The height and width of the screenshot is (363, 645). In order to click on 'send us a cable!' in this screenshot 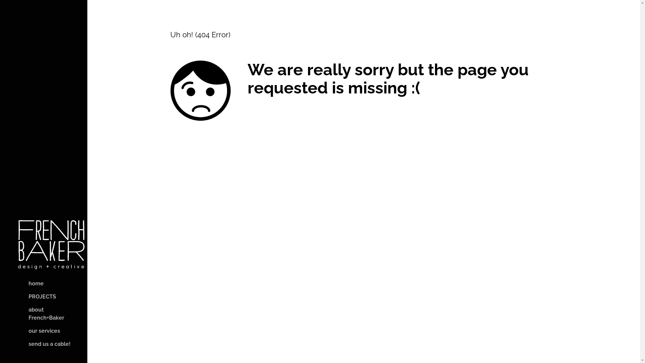, I will do `click(43, 344)`.